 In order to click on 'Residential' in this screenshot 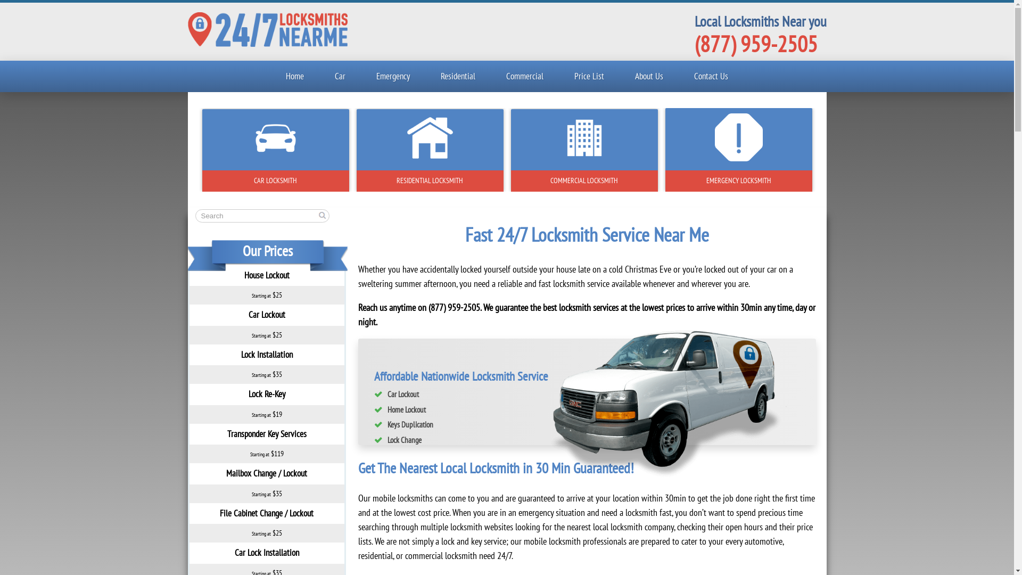, I will do `click(458, 76)`.